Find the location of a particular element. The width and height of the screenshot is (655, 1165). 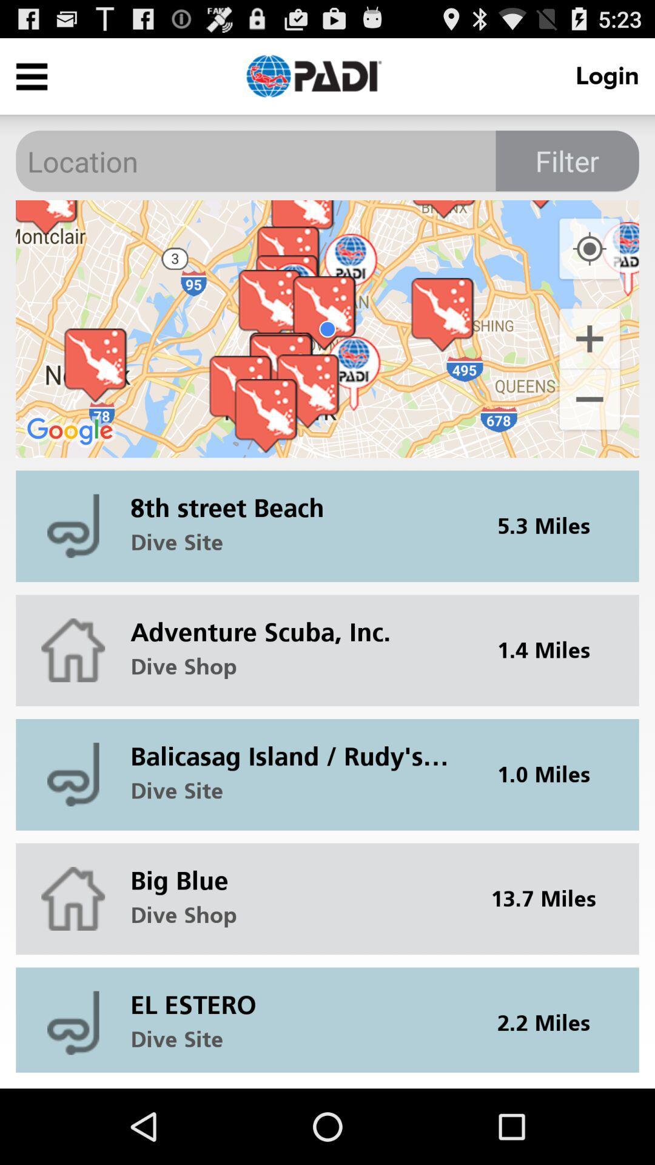

filter button is located at coordinates (567, 160).